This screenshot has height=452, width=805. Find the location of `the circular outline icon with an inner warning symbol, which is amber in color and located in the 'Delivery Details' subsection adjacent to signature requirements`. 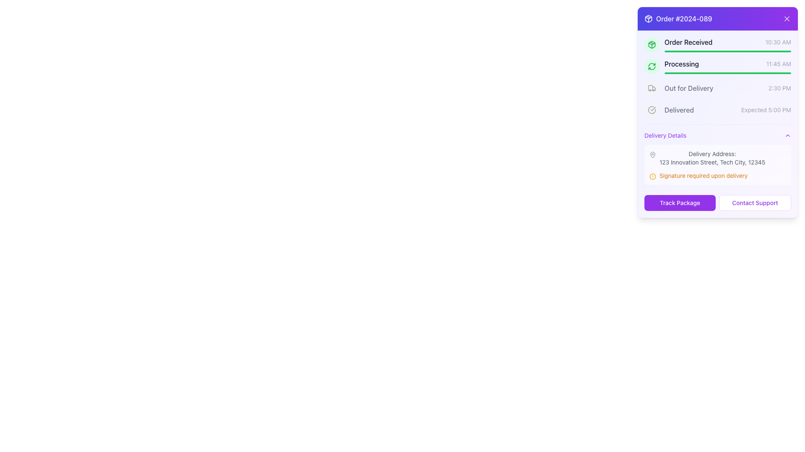

the circular outline icon with an inner warning symbol, which is amber in color and located in the 'Delivery Details' subsection adjacent to signature requirements is located at coordinates (652, 176).